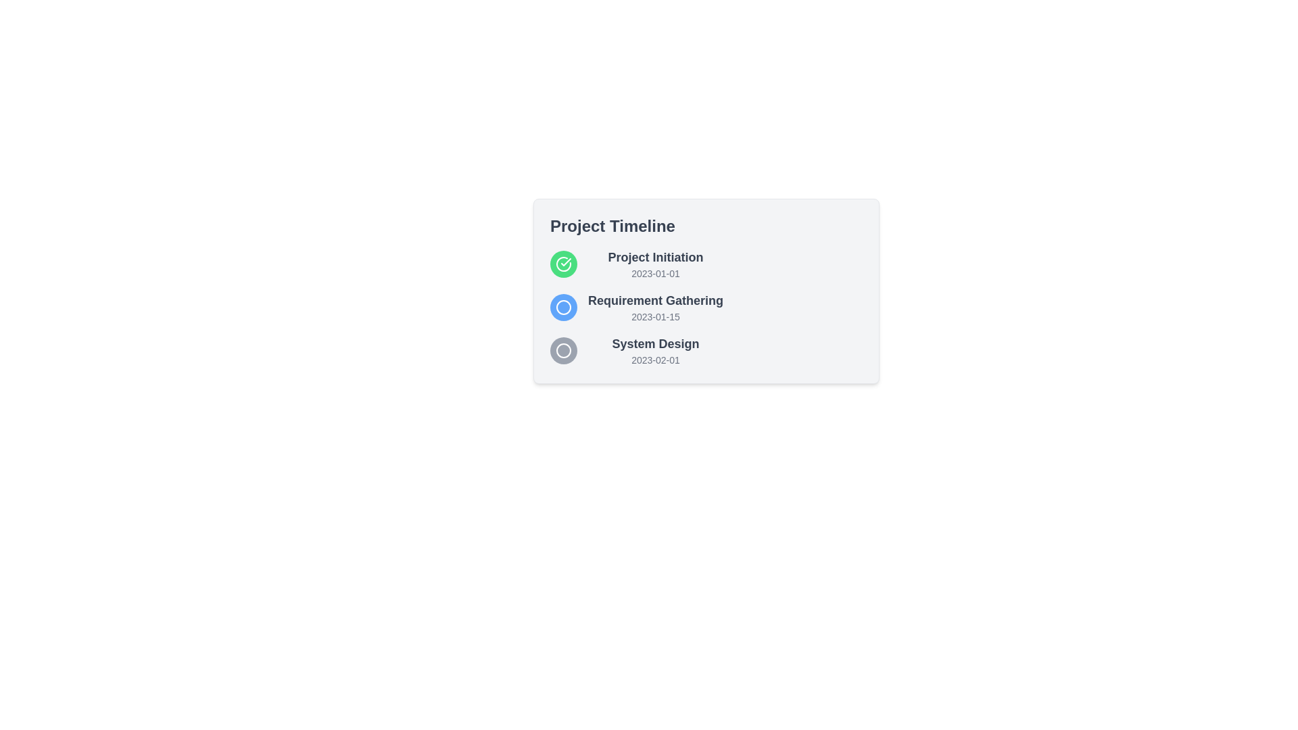 This screenshot has width=1298, height=730. I want to click on text content of the Text Label indicating the date of the 'Requirement Gathering' event, which is positioned below the bold title in the timeline interface, so click(655, 317).